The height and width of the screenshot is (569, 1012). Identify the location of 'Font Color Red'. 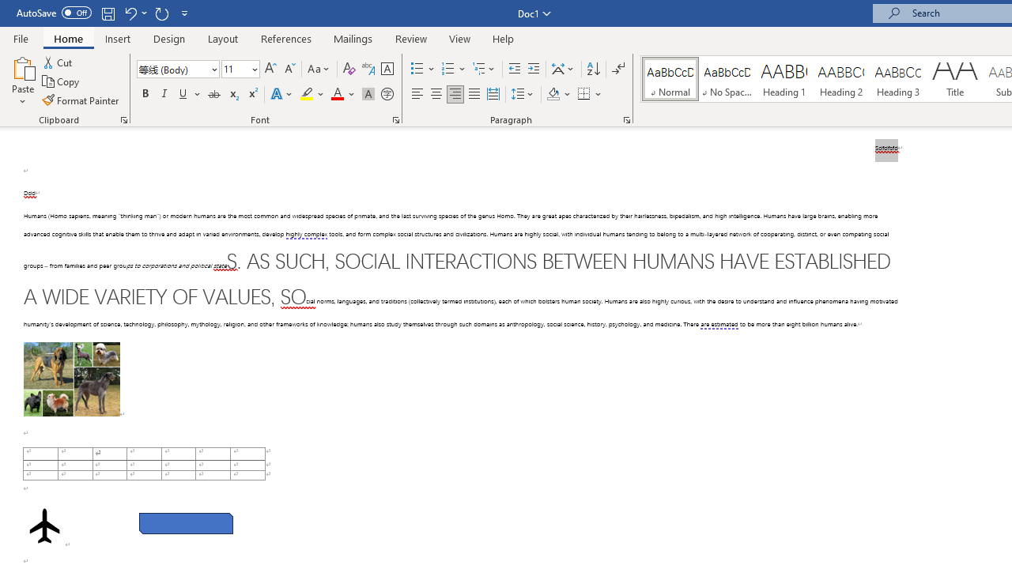
(336, 94).